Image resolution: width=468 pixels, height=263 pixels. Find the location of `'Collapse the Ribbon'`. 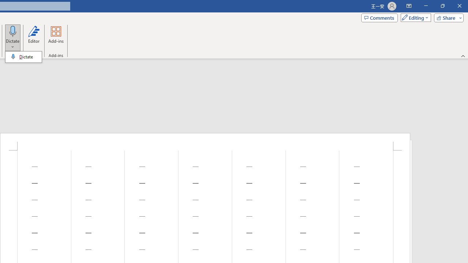

'Collapse the Ribbon' is located at coordinates (463, 56).